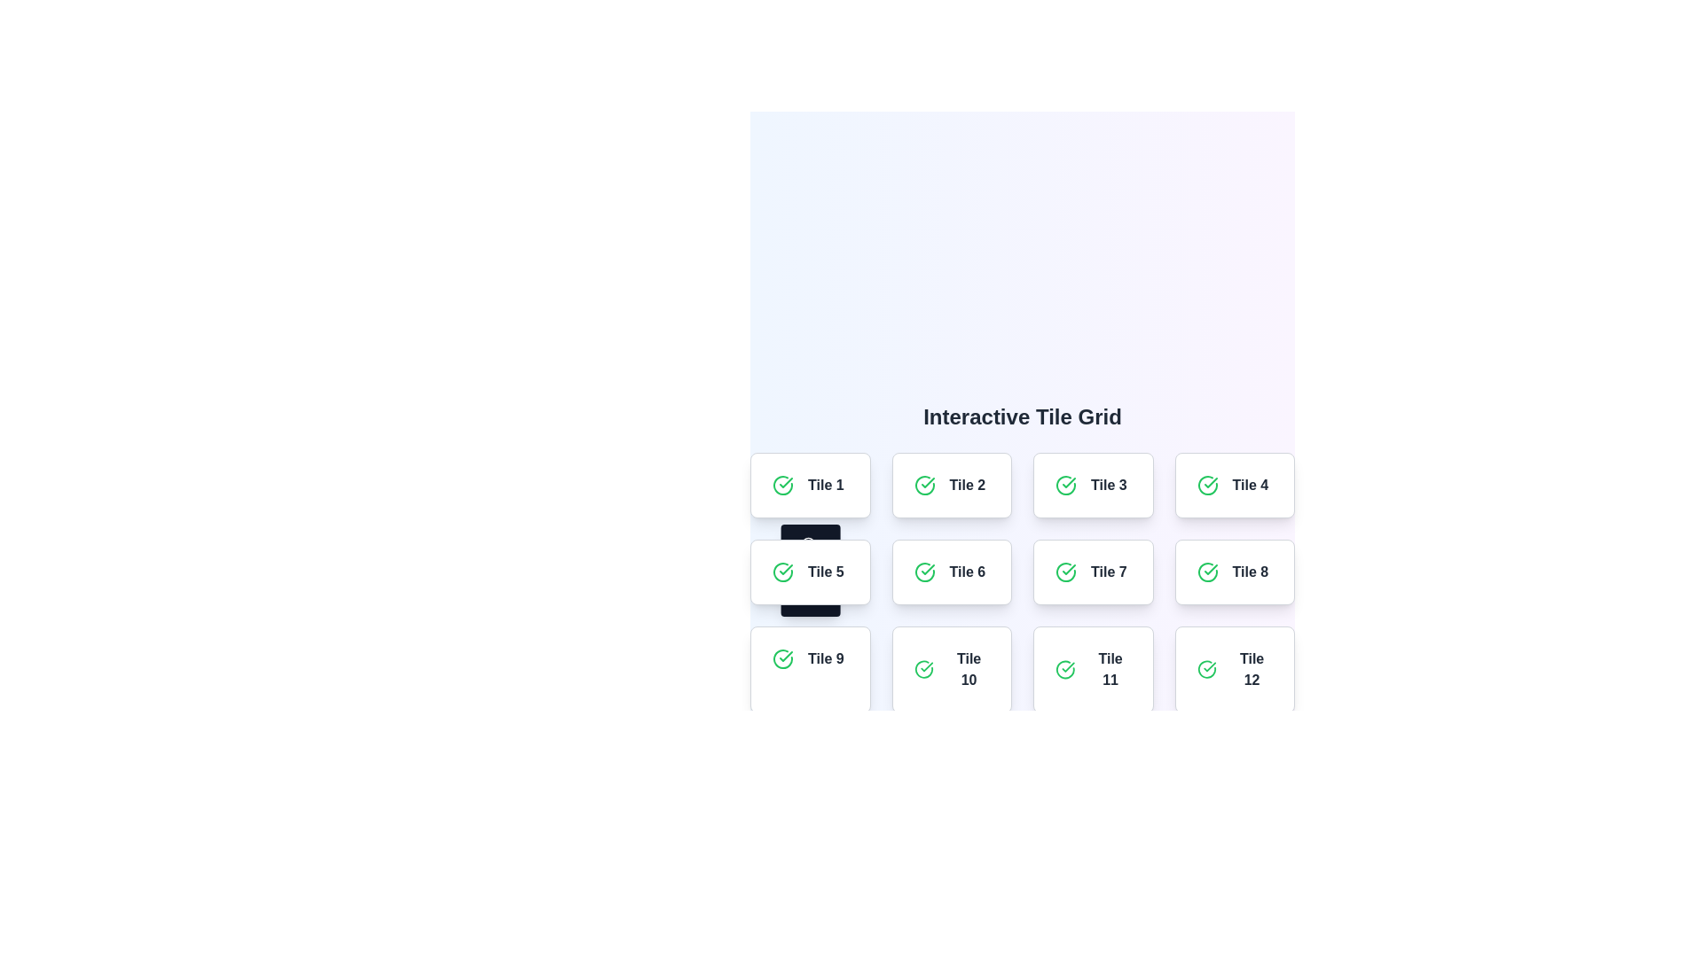 The height and width of the screenshot is (957, 1703). What do you see at coordinates (1092, 572) in the screenshot?
I see `the tile UI component labeled 'Tile 7' which features a bold text and a green circular icon with a checkmark` at bounding box center [1092, 572].